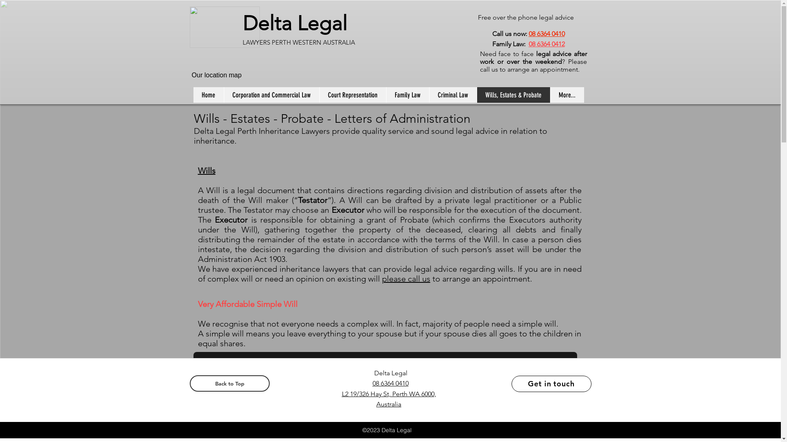 This screenshot has height=442, width=787. Describe the element at coordinates (208, 94) in the screenshot. I see `'Home'` at that location.